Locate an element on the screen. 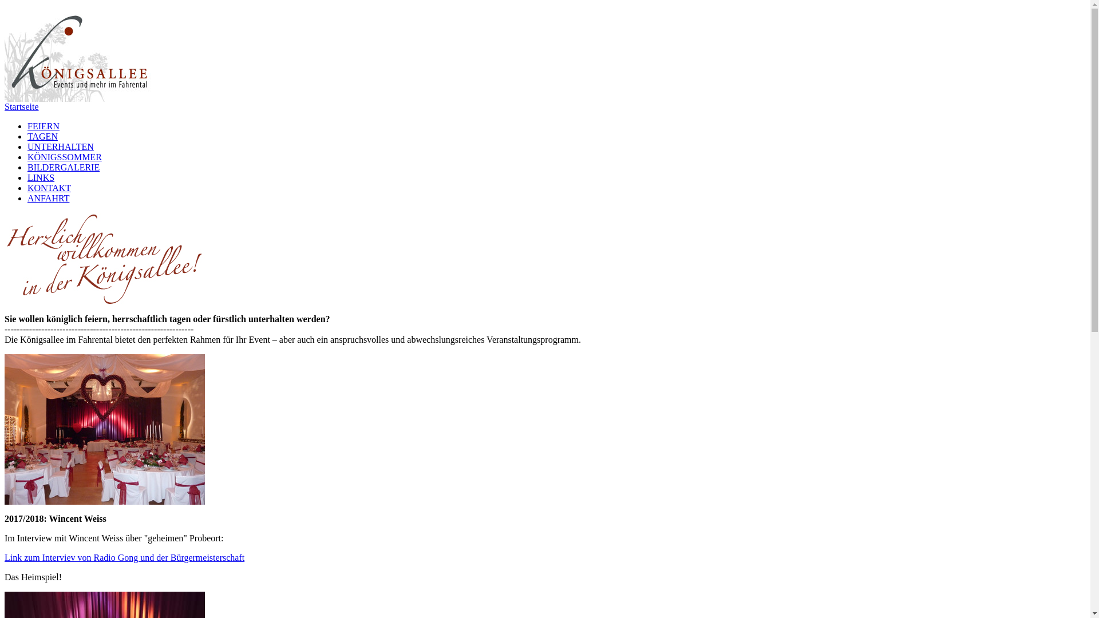 This screenshot has height=618, width=1099. 'Startseite' is located at coordinates (5, 106).